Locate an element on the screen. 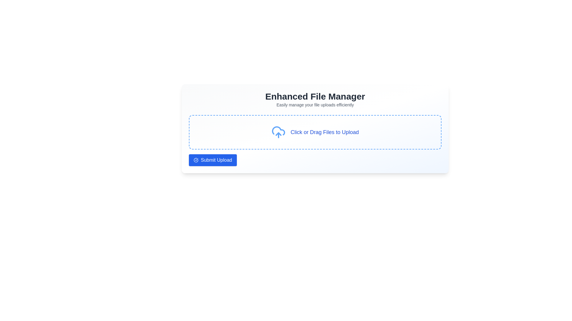 The image size is (572, 321). instructional text label displaying 'Click or Drag Files to Upload', which is centered within a dashed-bordered box in the 'Enhanced File Manager' section is located at coordinates (324, 132).